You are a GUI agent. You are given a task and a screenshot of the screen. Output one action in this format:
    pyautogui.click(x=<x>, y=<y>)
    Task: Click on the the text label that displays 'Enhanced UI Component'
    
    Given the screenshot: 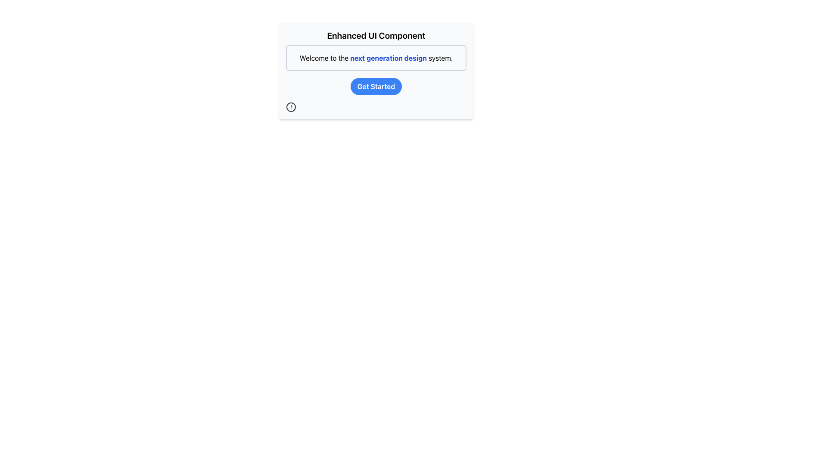 What is the action you would take?
    pyautogui.click(x=376, y=35)
    